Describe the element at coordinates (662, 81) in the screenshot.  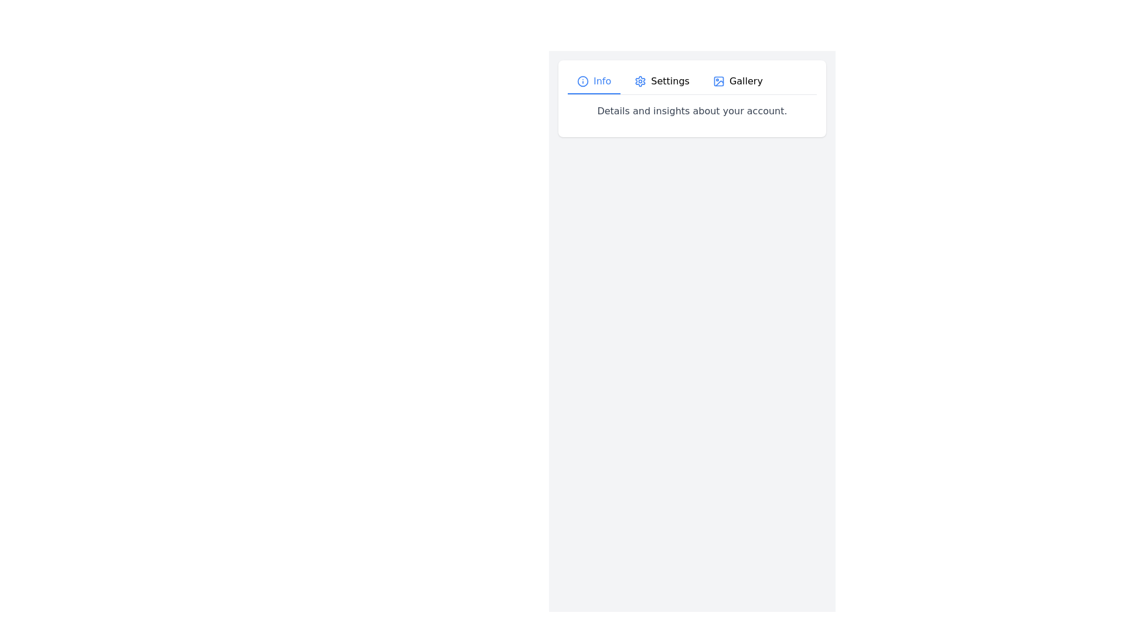
I see `the 'Settings' button, which features a blue gear icon and the text 'Settings'` at that location.